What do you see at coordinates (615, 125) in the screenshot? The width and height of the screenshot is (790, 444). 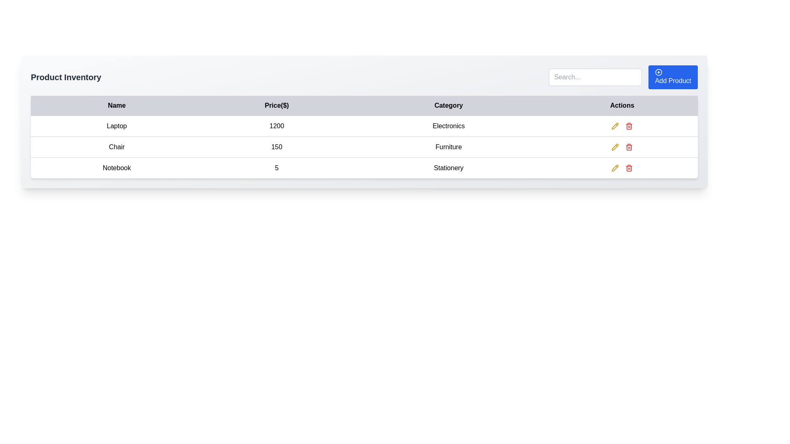 I see `the leftmost edit icon in the 'Actions' column of the table corresponding to the 'Chair' entry to initiate the edit functionality` at bounding box center [615, 125].